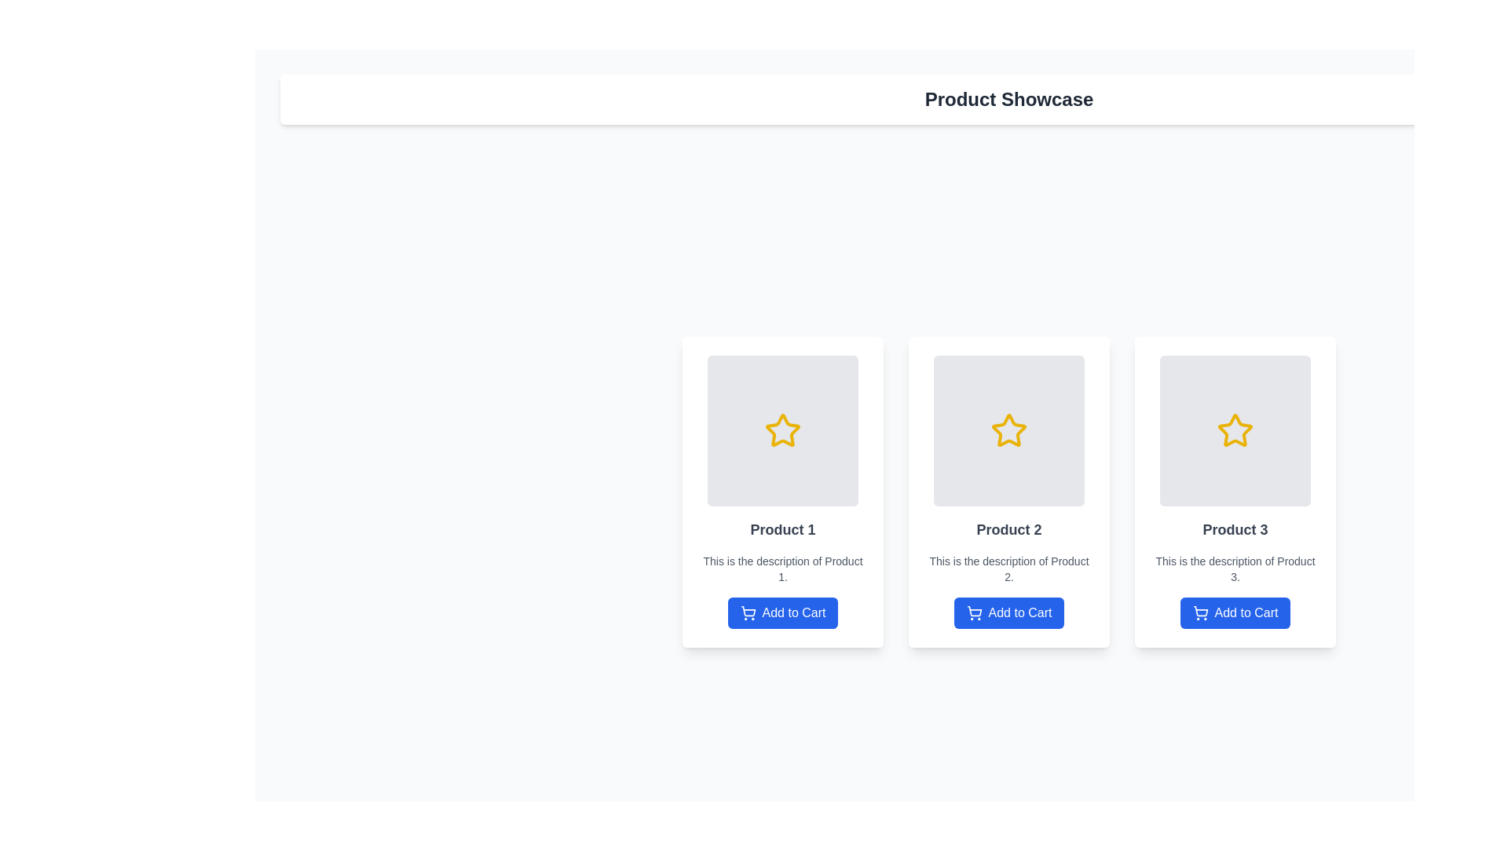  Describe the element at coordinates (1235, 530) in the screenshot. I see `the text label reading 'Product 3'` at that location.